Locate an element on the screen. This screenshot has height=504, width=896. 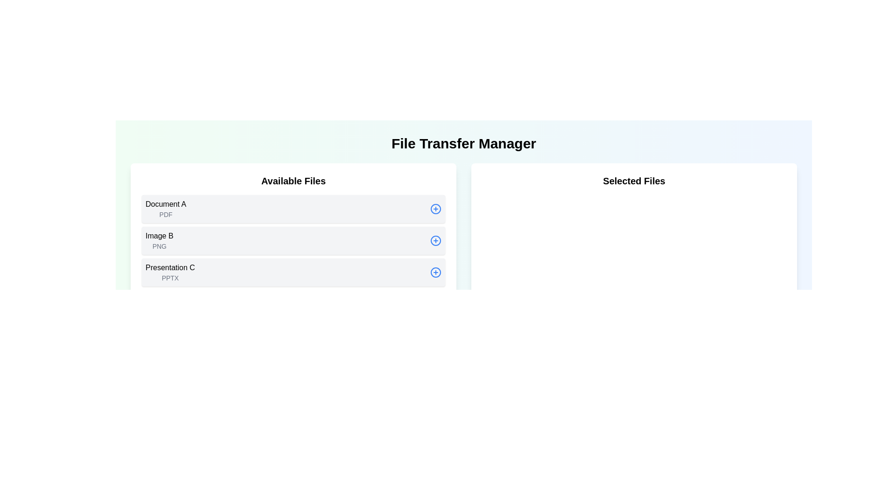
the text label displaying 'PPTX', which is styled in a smaller gray font and located beneath the larger text 'Presentation C' in the third card of the 'Available Files' section is located at coordinates (170, 278).